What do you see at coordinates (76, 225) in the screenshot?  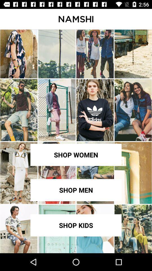 I see `the item below the shop men icon` at bounding box center [76, 225].